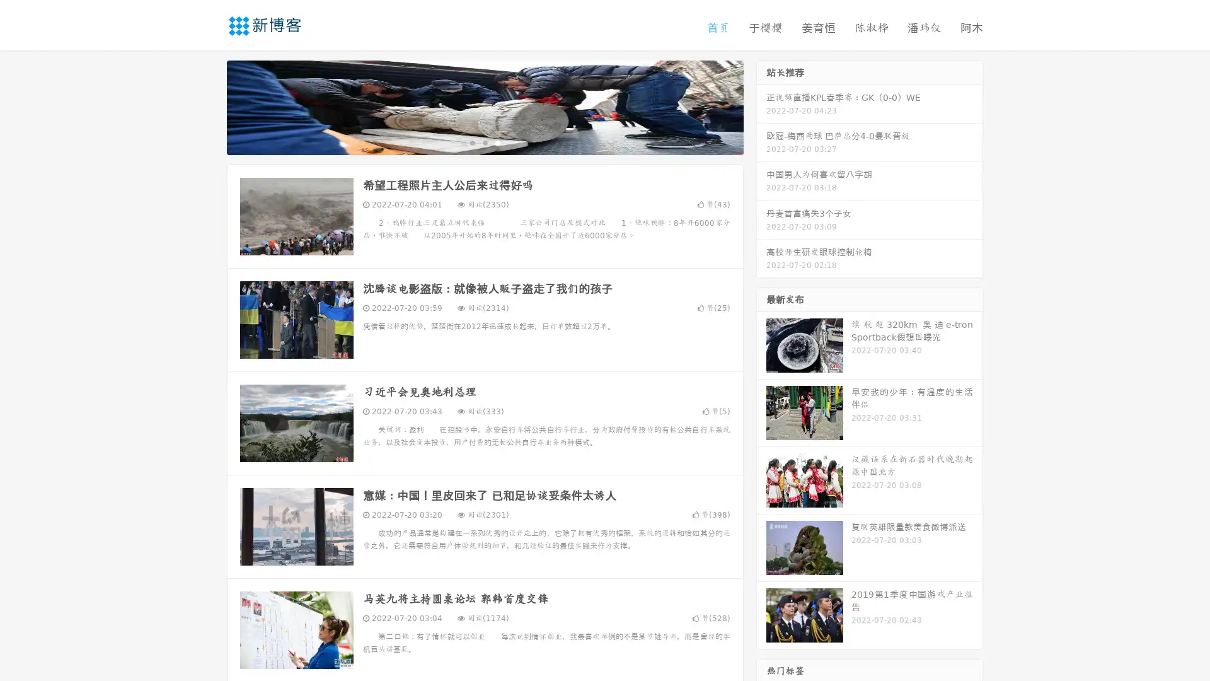 The image size is (1210, 681). Describe the element at coordinates (497, 142) in the screenshot. I see `Go to slide 3` at that location.